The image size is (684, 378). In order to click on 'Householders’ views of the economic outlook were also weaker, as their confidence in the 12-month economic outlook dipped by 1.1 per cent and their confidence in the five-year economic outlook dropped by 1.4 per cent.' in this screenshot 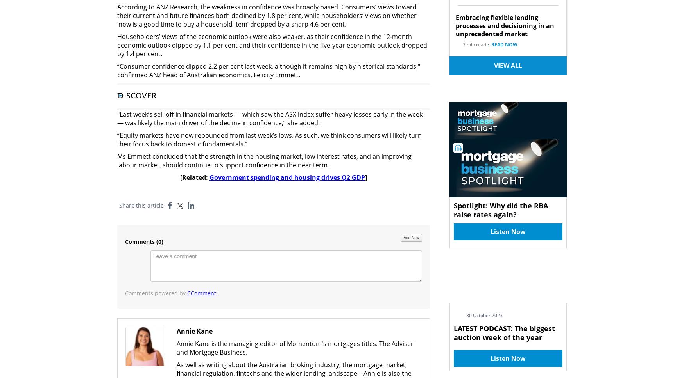, I will do `click(272, 45)`.